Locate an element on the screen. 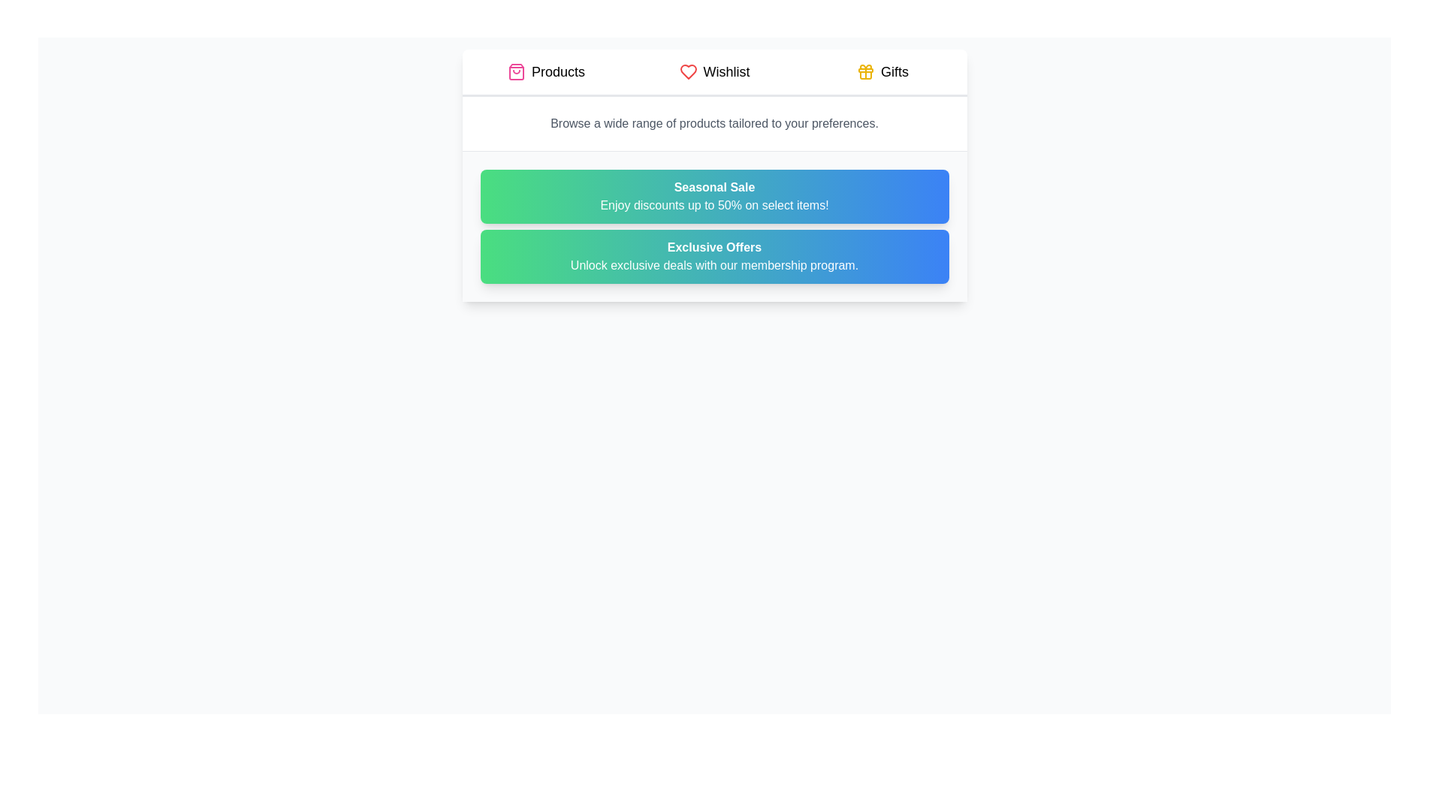  the Products tab is located at coordinates (545, 72).